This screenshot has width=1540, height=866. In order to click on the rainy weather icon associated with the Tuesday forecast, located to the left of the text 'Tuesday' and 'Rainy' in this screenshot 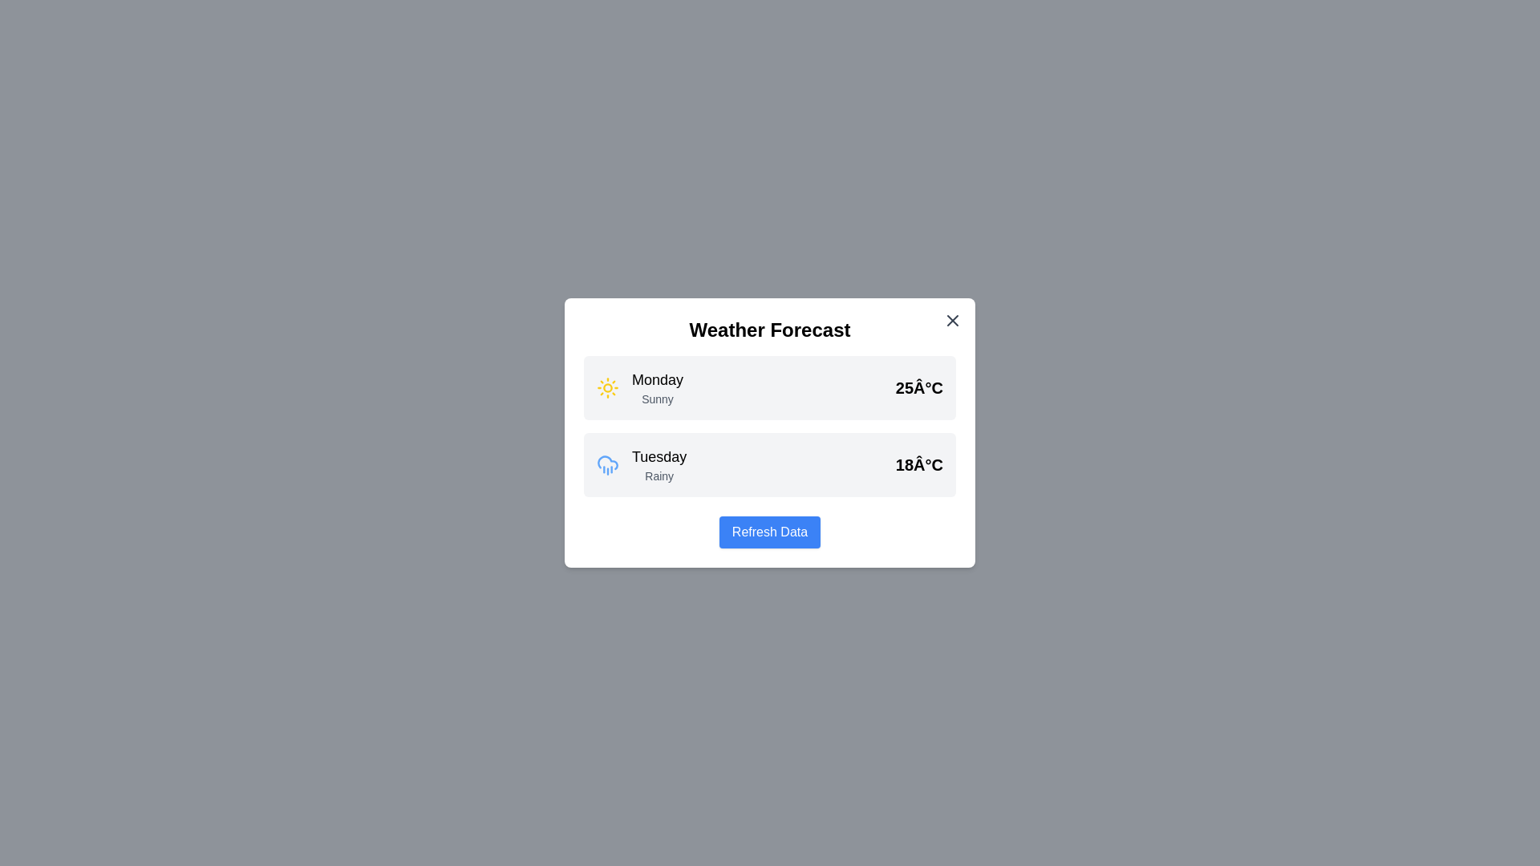, I will do `click(607, 464)`.